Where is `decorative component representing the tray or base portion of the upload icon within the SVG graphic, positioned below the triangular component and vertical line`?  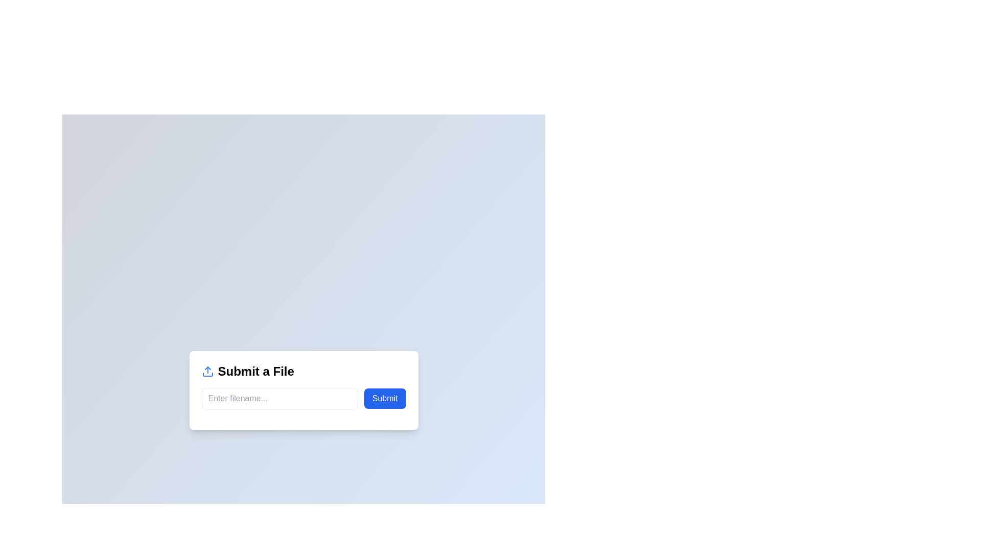 decorative component representing the tray or base portion of the upload icon within the SVG graphic, positioned below the triangular component and vertical line is located at coordinates (207, 374).